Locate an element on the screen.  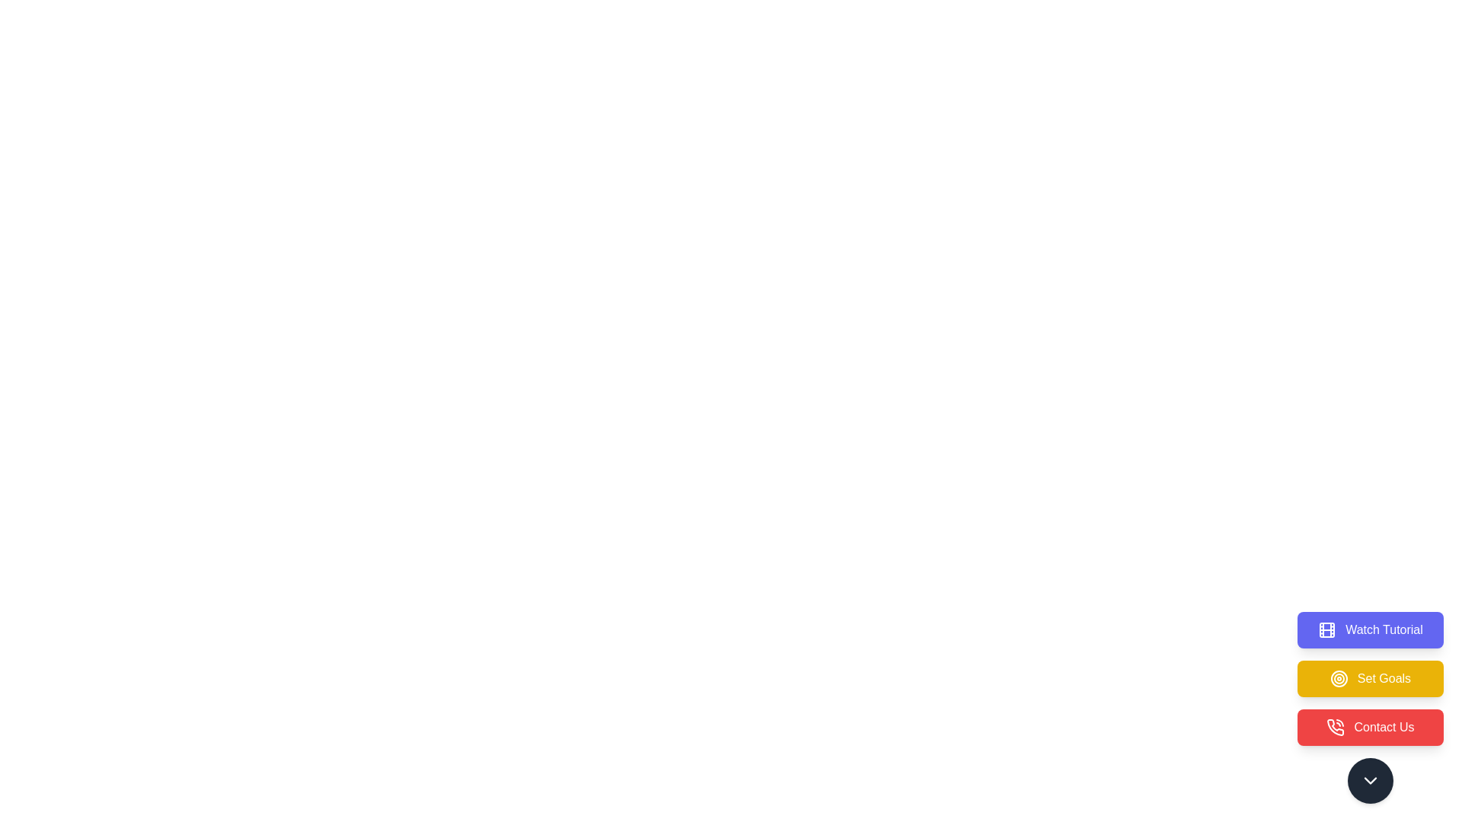
the toggle button to expand or collapse the menu is located at coordinates (1371, 781).